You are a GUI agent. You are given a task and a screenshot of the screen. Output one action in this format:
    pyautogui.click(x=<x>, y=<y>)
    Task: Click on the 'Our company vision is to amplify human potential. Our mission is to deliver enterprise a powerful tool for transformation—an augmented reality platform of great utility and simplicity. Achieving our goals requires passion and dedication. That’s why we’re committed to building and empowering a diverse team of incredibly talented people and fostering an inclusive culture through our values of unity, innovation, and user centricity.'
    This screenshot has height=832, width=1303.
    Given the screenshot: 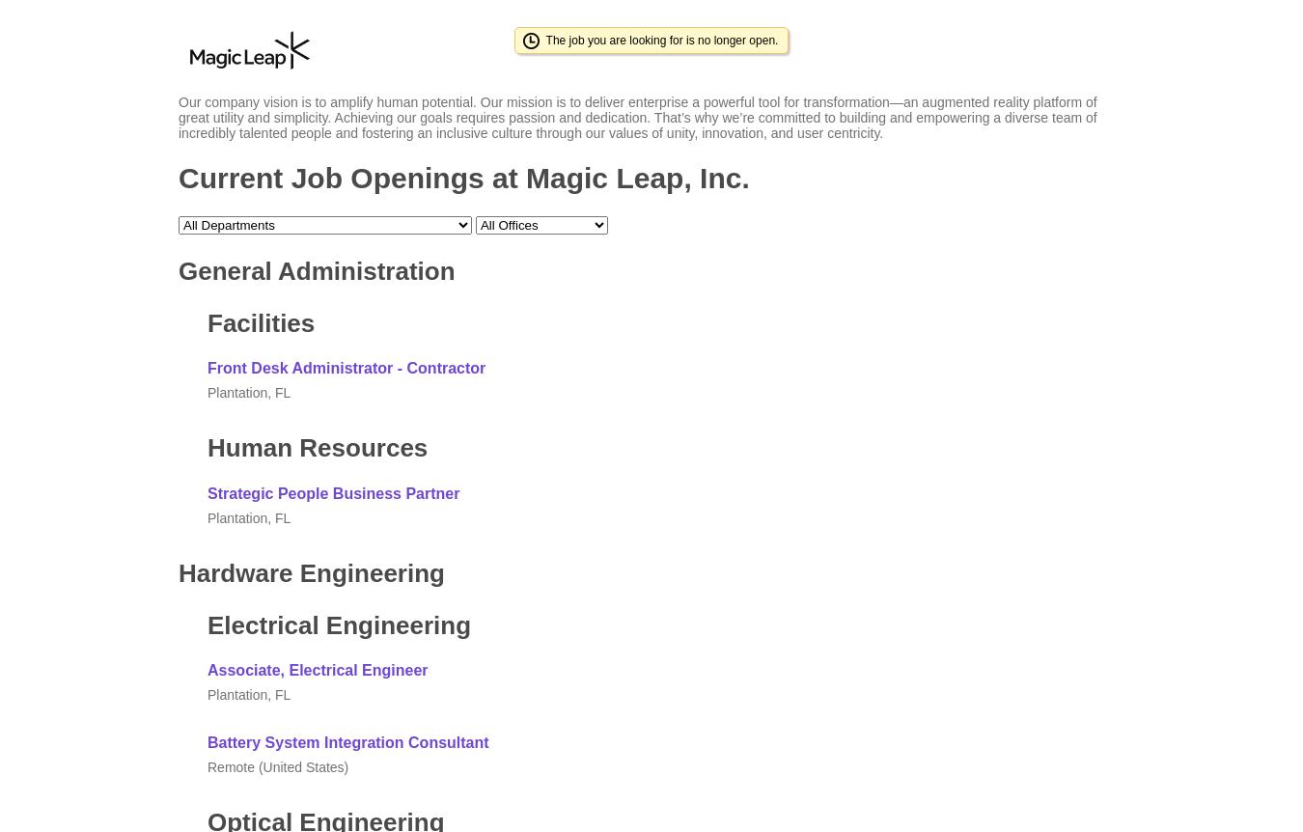 What is the action you would take?
    pyautogui.click(x=637, y=116)
    